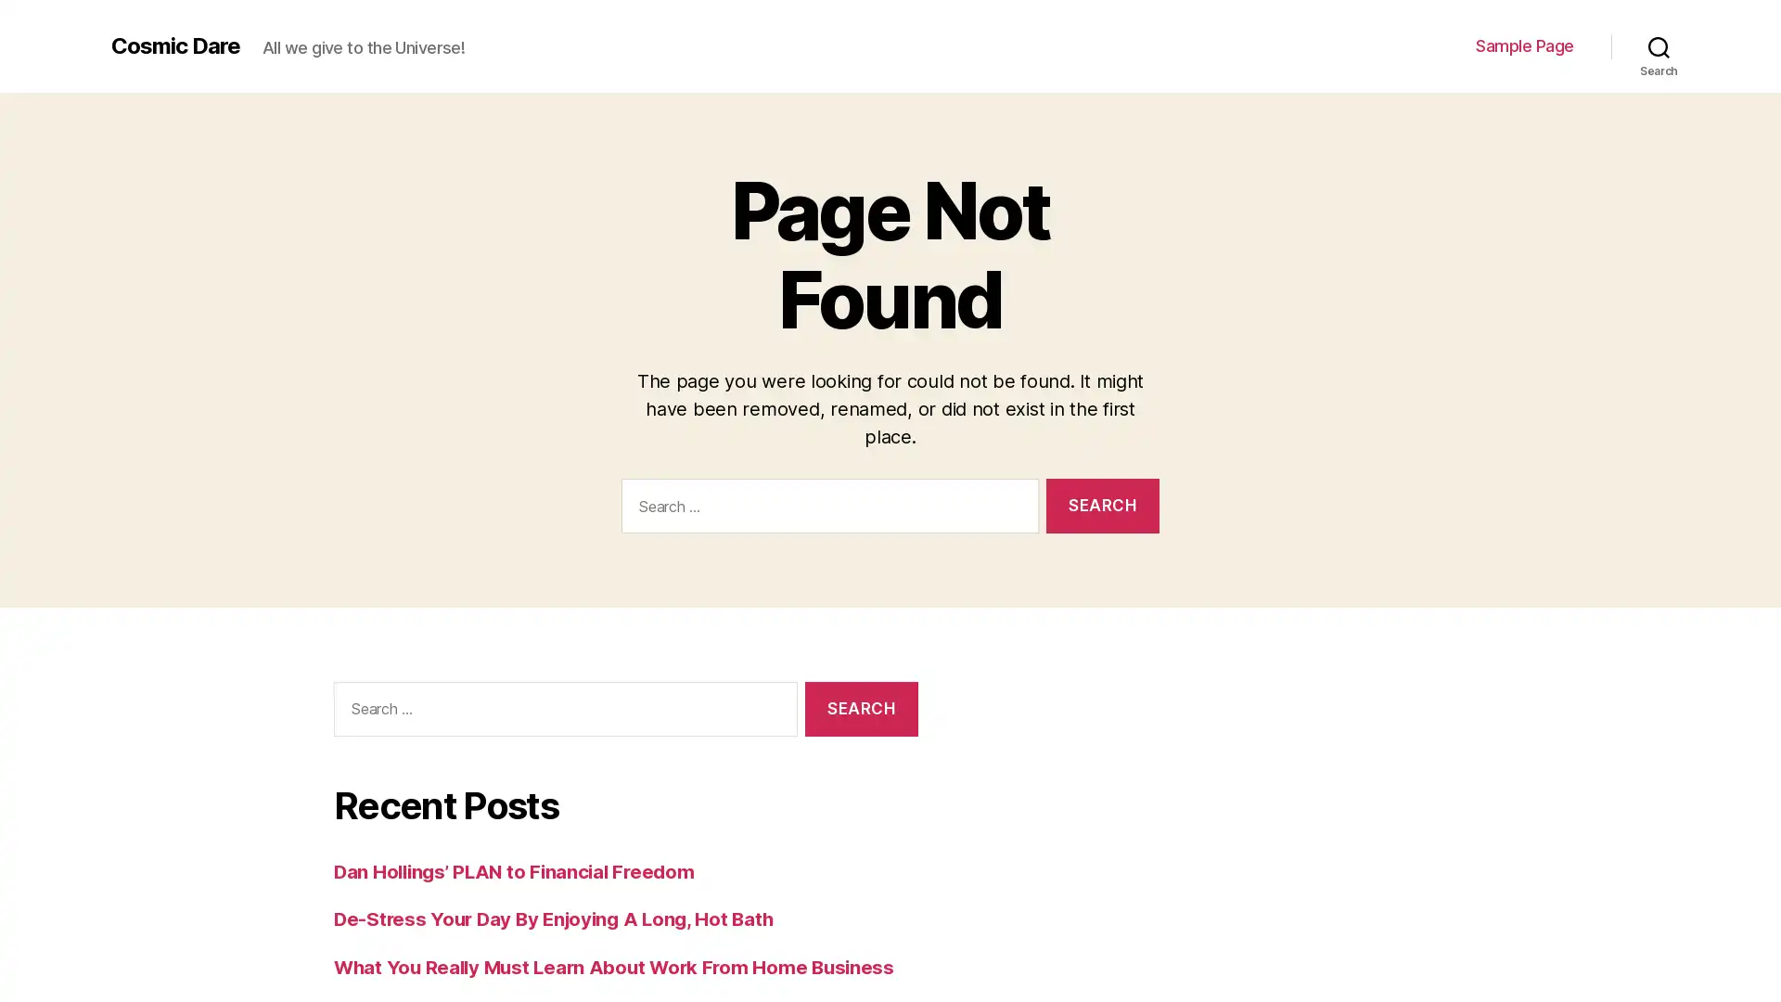  Describe the element at coordinates (1659, 45) in the screenshot. I see `Search` at that location.